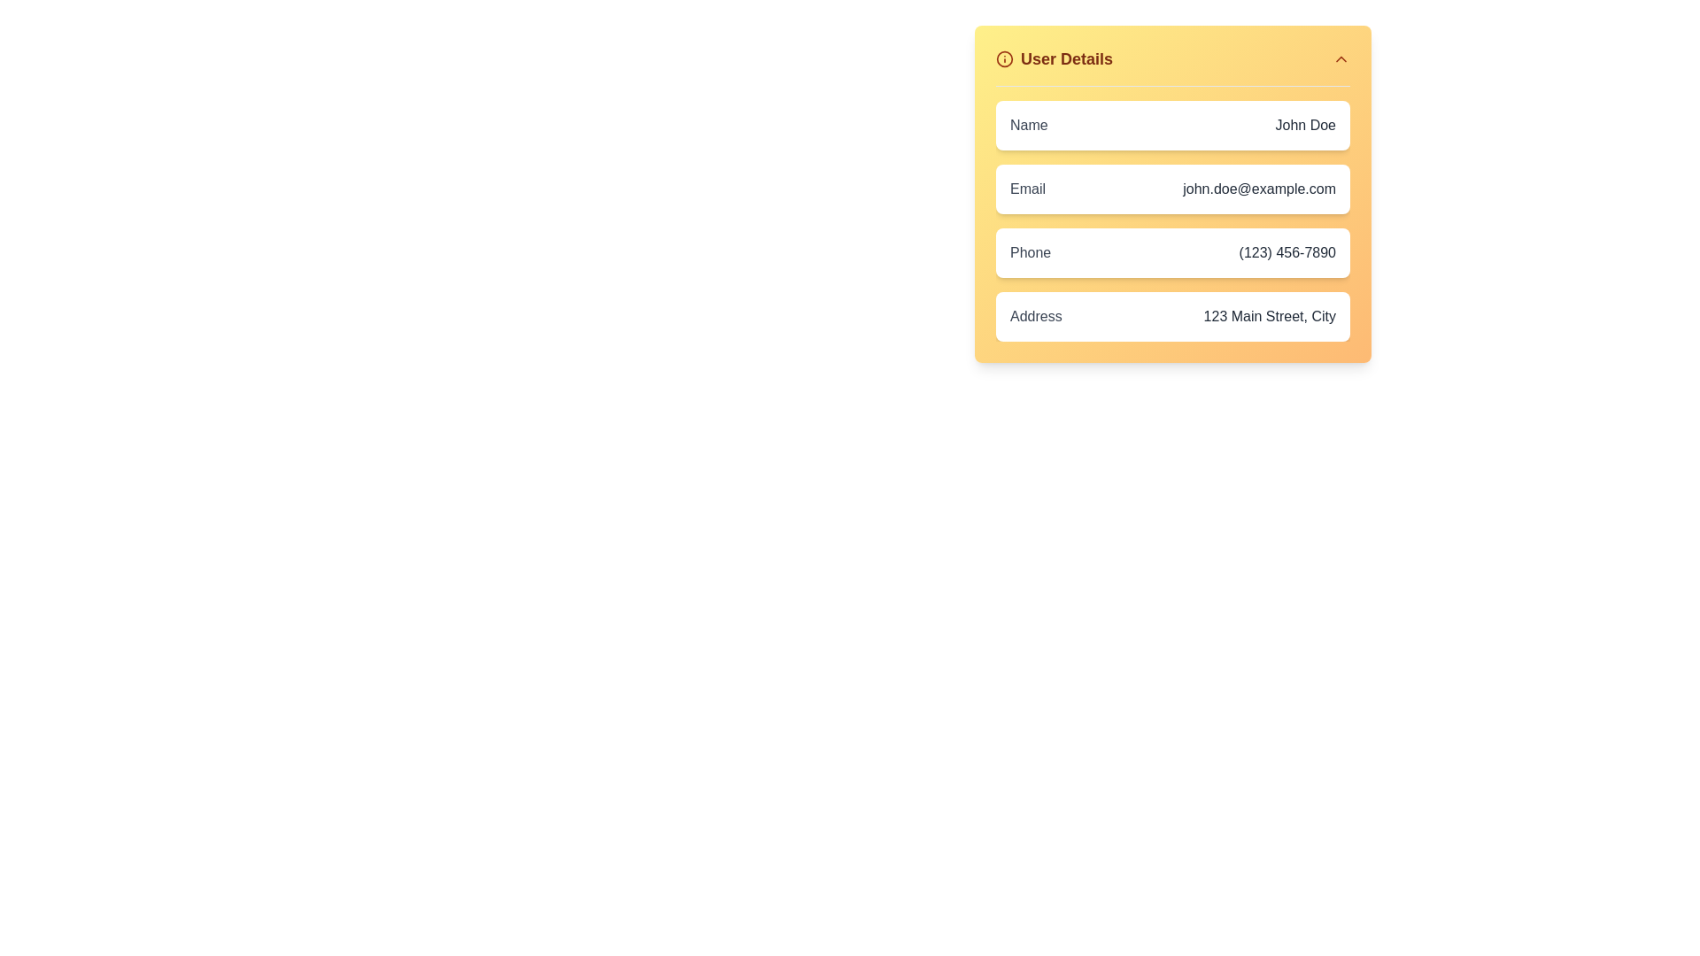  I want to click on phone number displayed in the Information display box, which is the third box in the vertically stacked list, located between the 'Email' entry and 'Address' entry, so click(1172, 252).